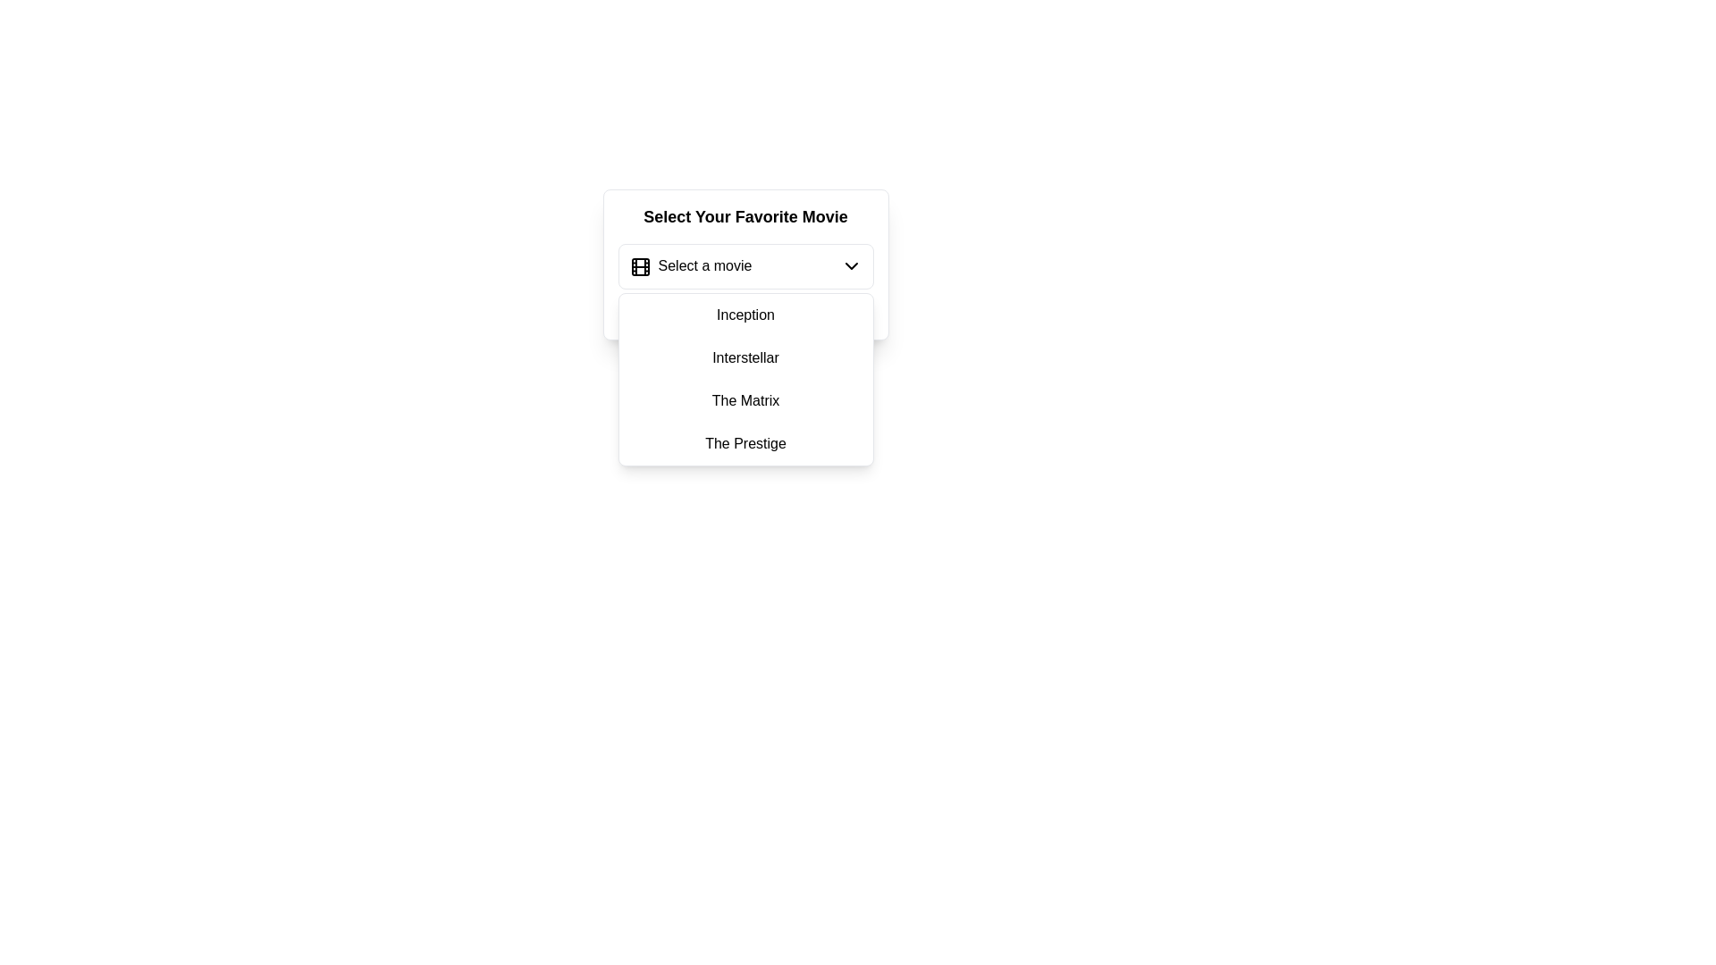 The width and height of the screenshot is (1716, 965). I want to click on the dropdown menu element labeled 'Select a movie', so click(745, 266).